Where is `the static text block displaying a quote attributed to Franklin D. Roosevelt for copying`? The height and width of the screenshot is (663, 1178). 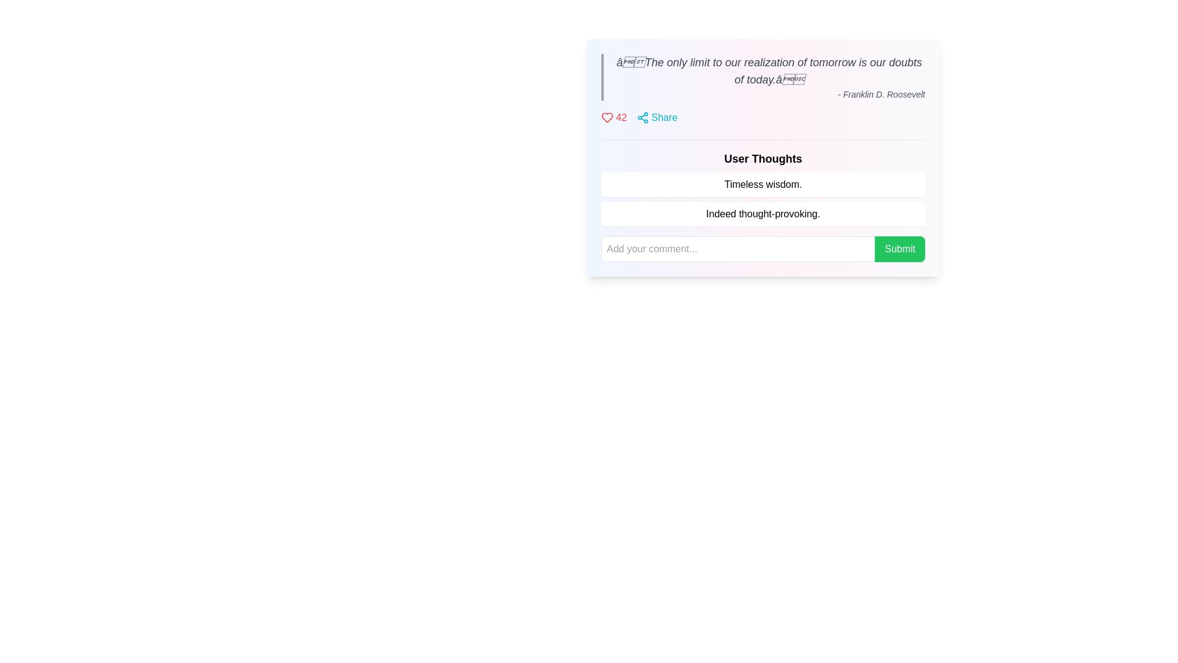 the static text block displaying a quote attributed to Franklin D. Roosevelt for copying is located at coordinates (762, 77).